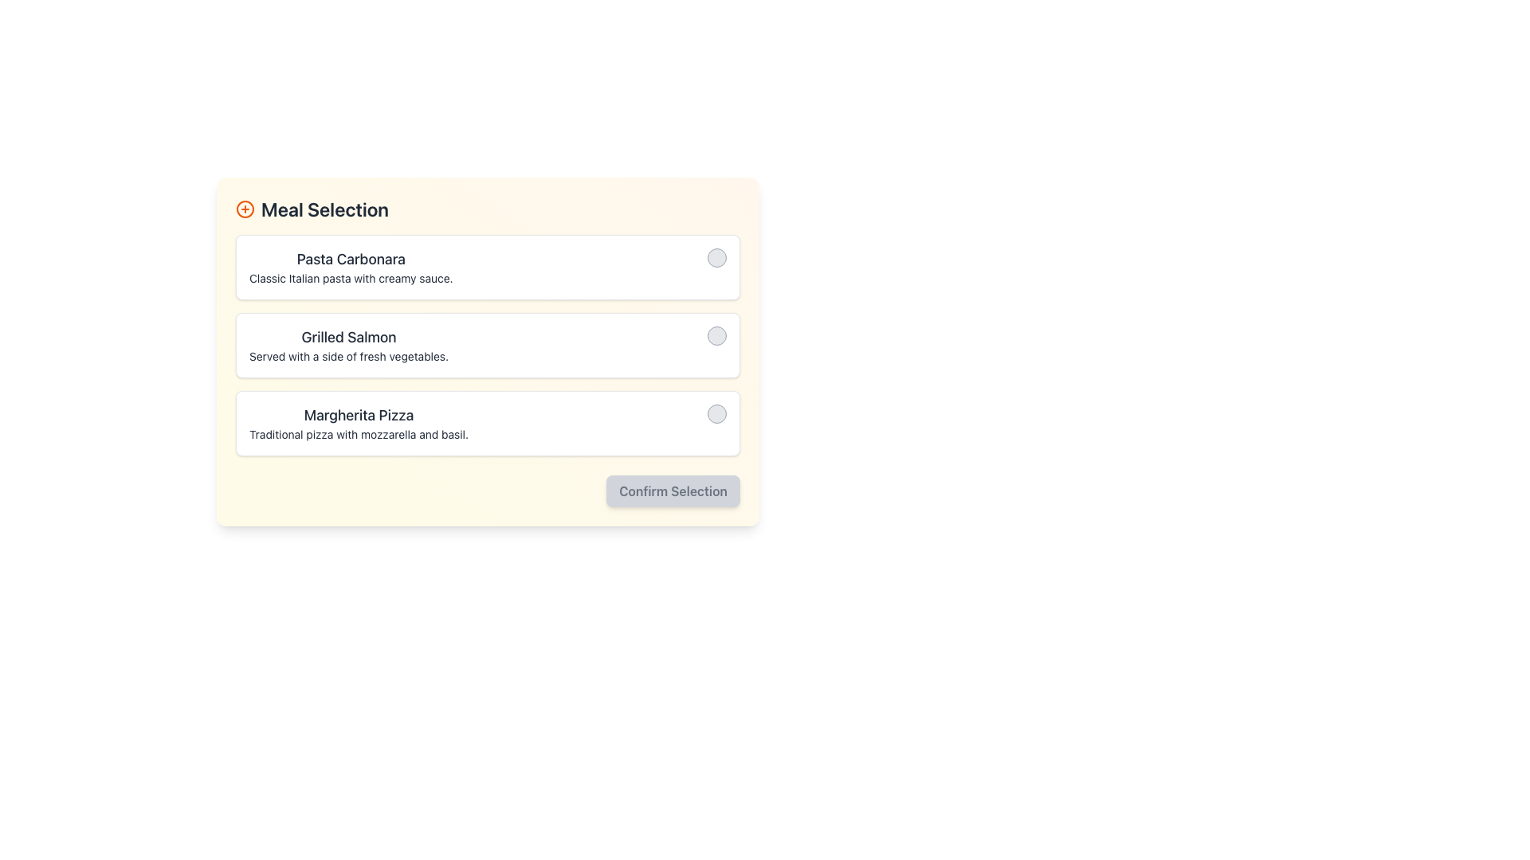 The height and width of the screenshot is (860, 1530). I want to click on the section title indicating meal option selection, located at the top-left corner of the meal selection interface, to trigger visual cues, so click(324, 208).